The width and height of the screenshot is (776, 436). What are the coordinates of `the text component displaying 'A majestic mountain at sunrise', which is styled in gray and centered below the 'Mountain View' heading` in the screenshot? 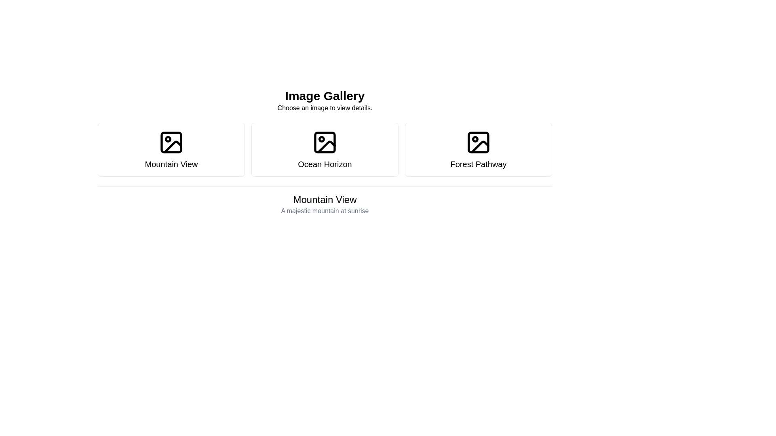 It's located at (325, 211).